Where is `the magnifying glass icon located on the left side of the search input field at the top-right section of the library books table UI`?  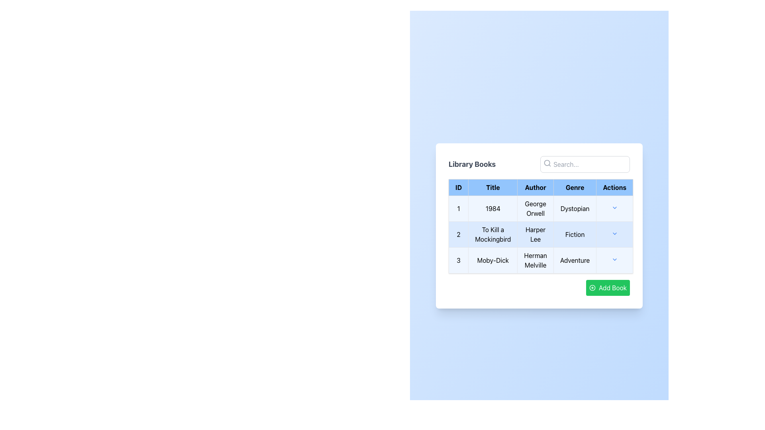 the magnifying glass icon located on the left side of the search input field at the top-right section of the library books table UI is located at coordinates (547, 162).